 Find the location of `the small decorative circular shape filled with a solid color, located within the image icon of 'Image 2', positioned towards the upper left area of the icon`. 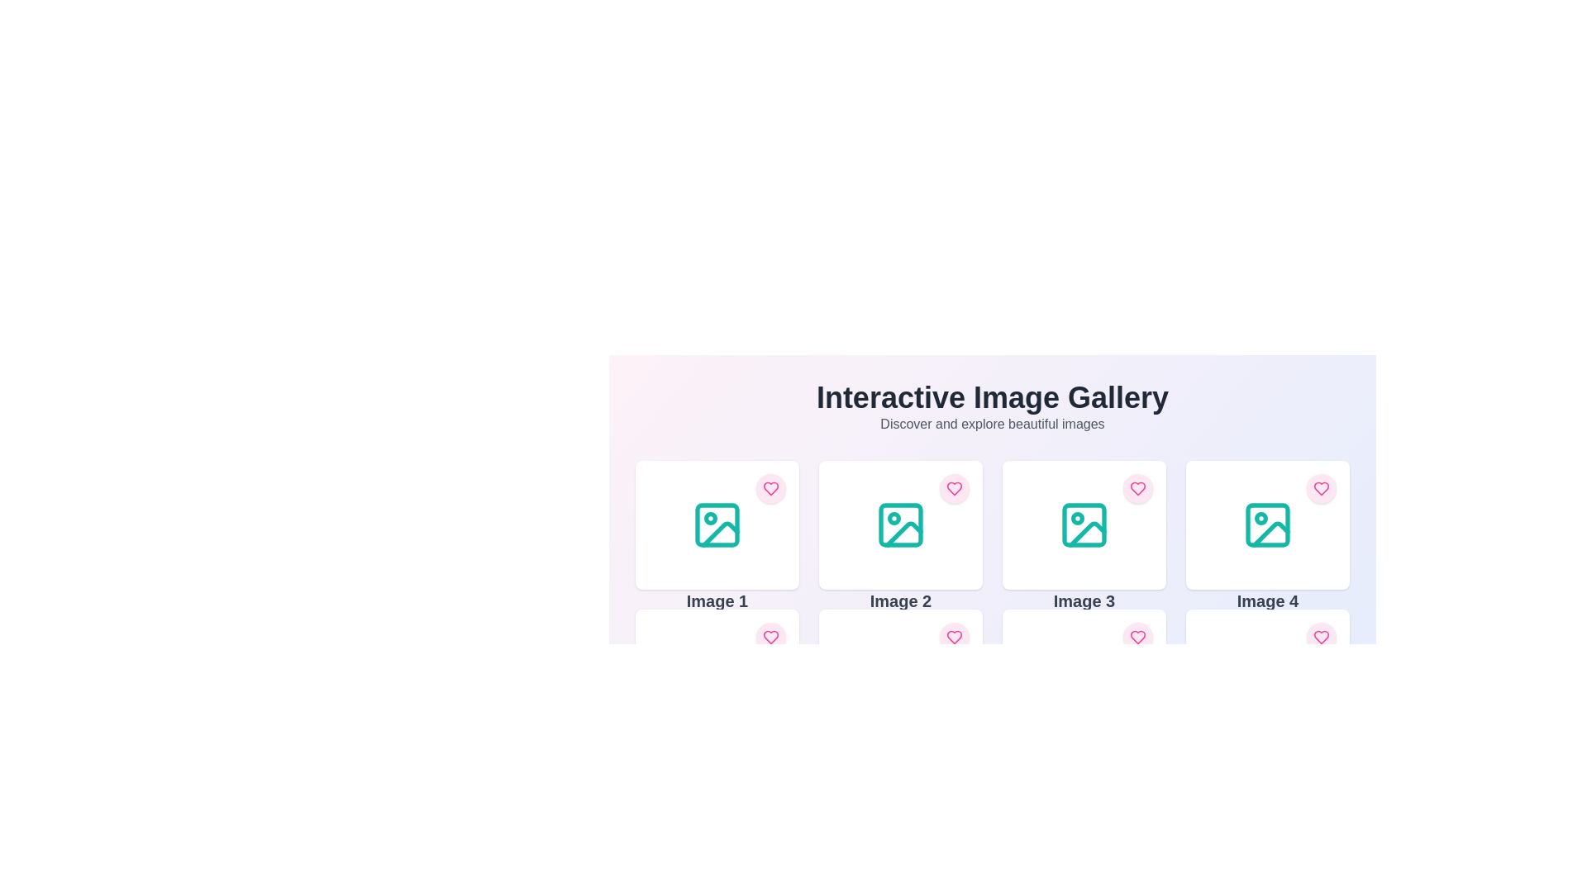

the small decorative circular shape filled with a solid color, located within the image icon of 'Image 2', positioned towards the upper left area of the icon is located at coordinates (893, 518).